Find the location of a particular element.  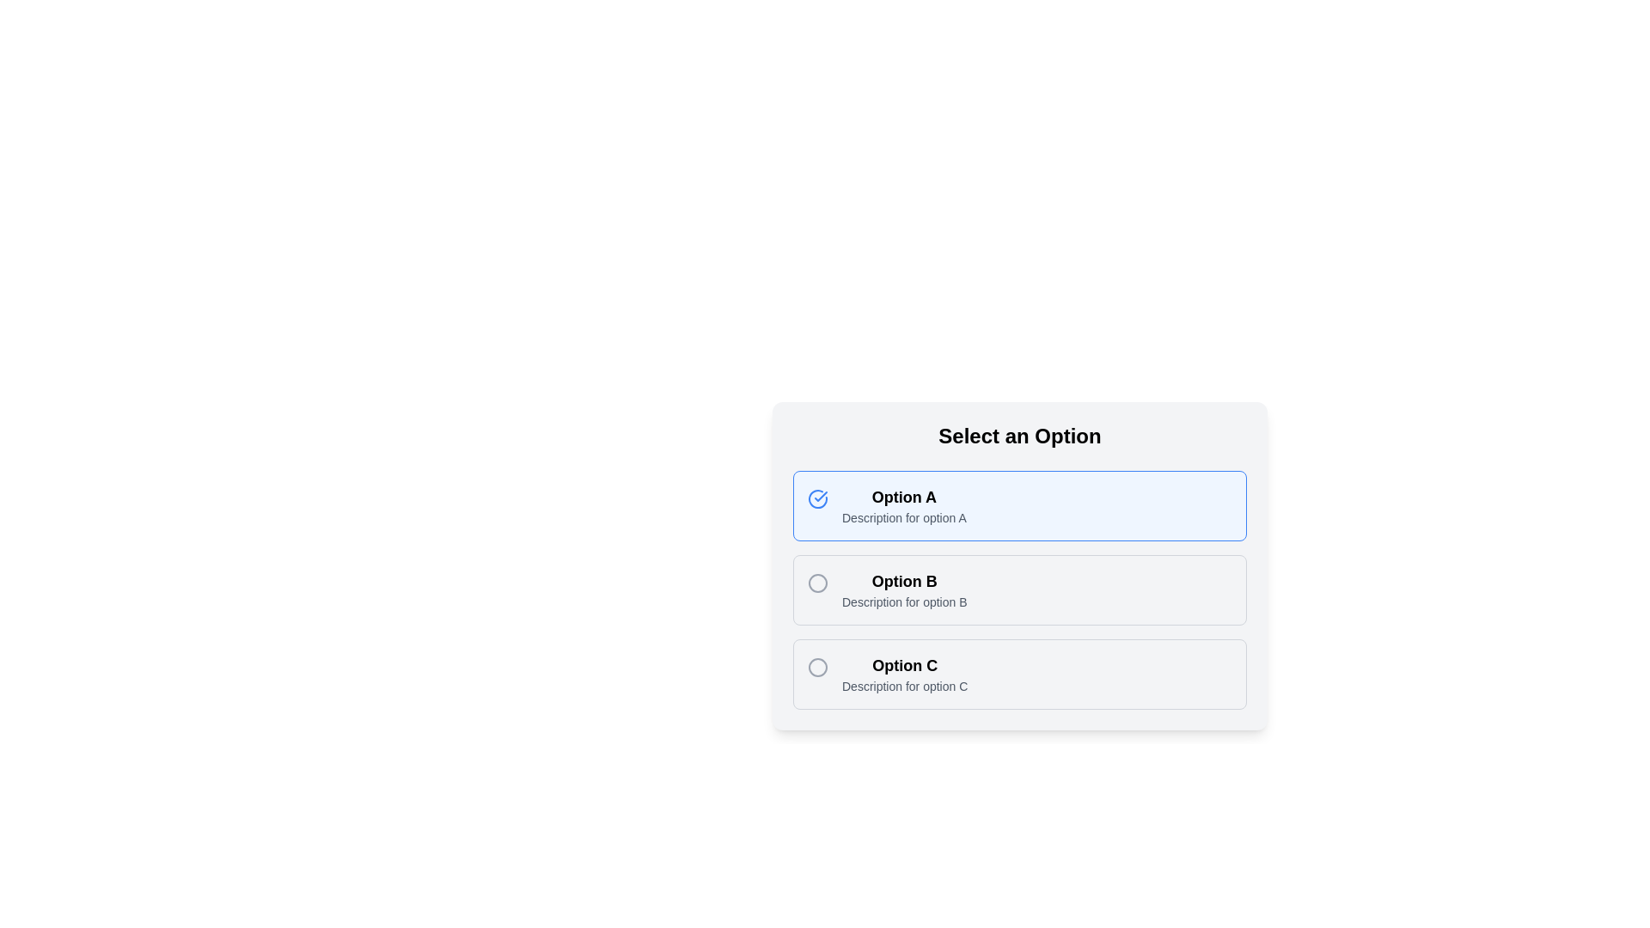

the unselected radio button to the left of 'Option C' is located at coordinates (816, 666).